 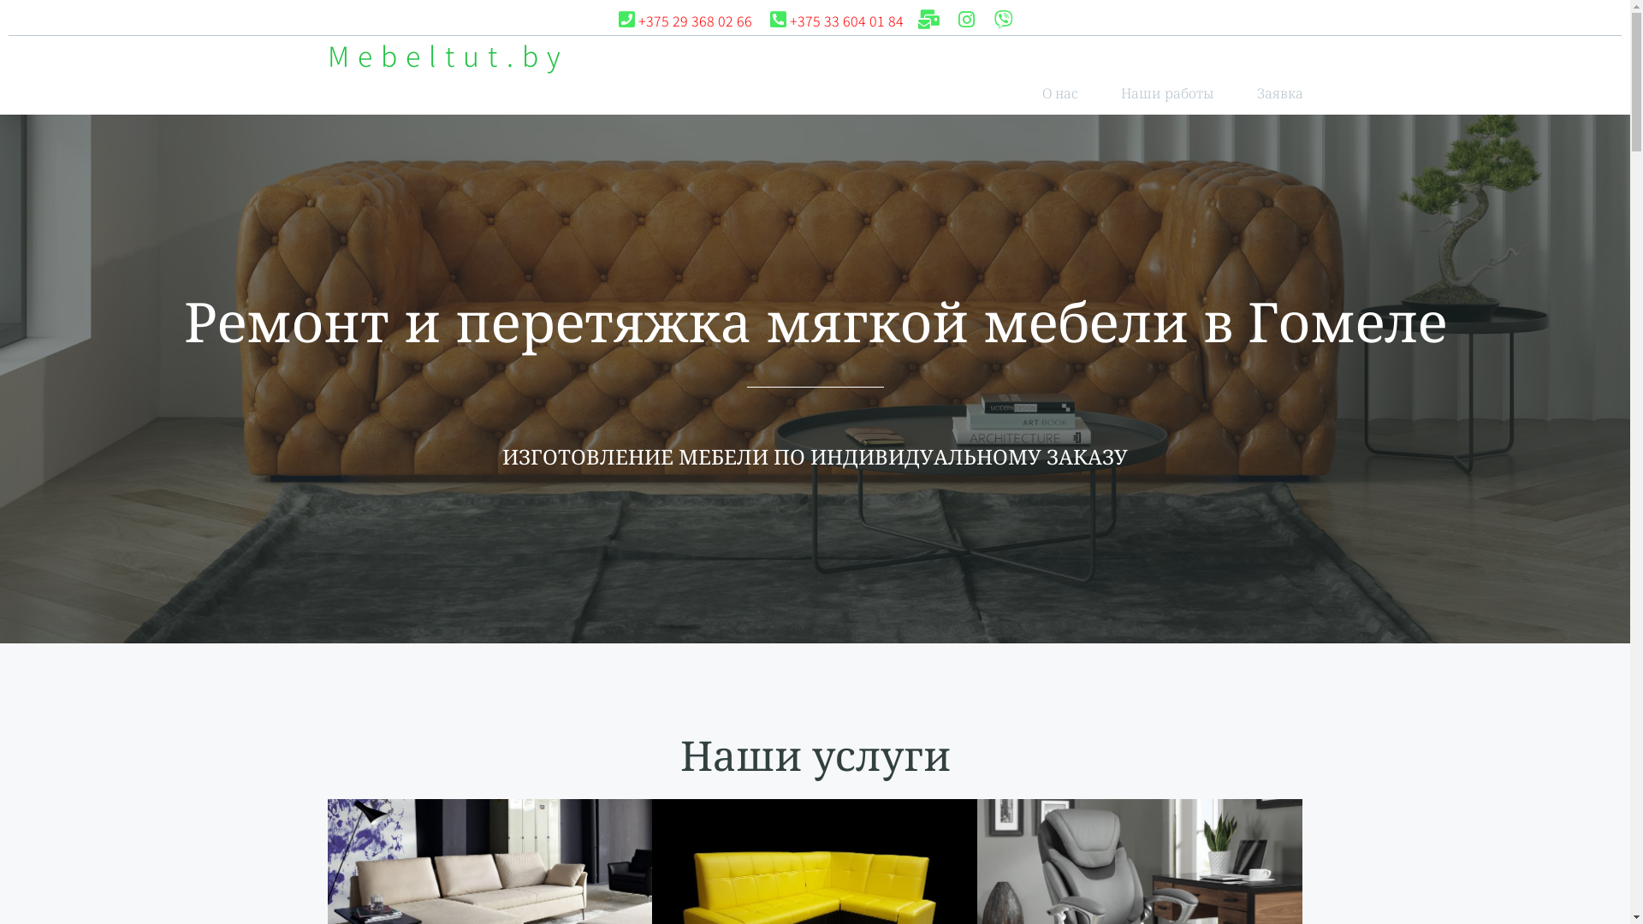 I want to click on '+375 29 368 02 66', so click(x=683, y=21).